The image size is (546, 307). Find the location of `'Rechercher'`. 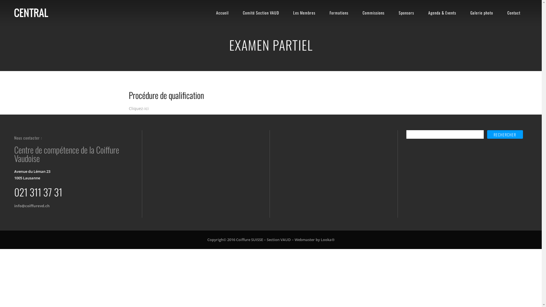

'Rechercher' is located at coordinates (487, 134).